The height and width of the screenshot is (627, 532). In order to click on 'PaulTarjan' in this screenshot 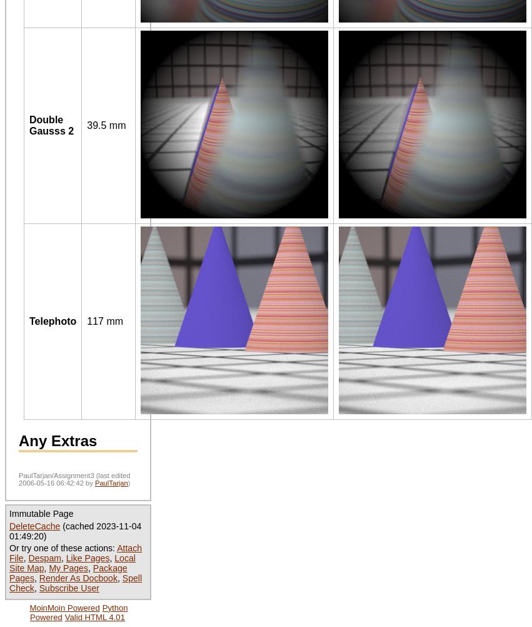, I will do `click(110, 482)`.